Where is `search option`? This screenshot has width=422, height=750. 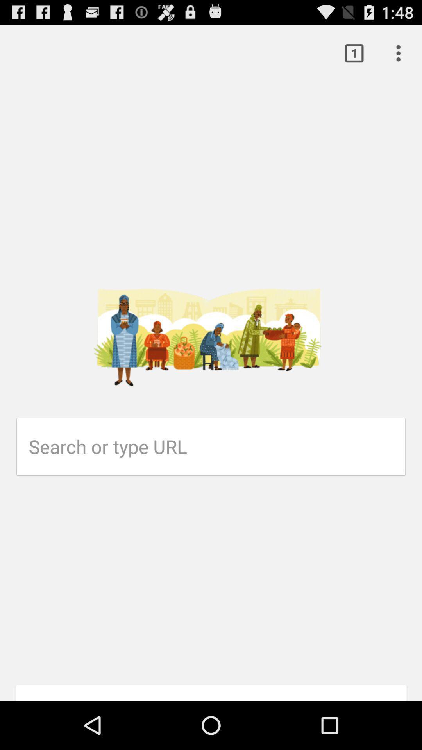
search option is located at coordinates (217, 446).